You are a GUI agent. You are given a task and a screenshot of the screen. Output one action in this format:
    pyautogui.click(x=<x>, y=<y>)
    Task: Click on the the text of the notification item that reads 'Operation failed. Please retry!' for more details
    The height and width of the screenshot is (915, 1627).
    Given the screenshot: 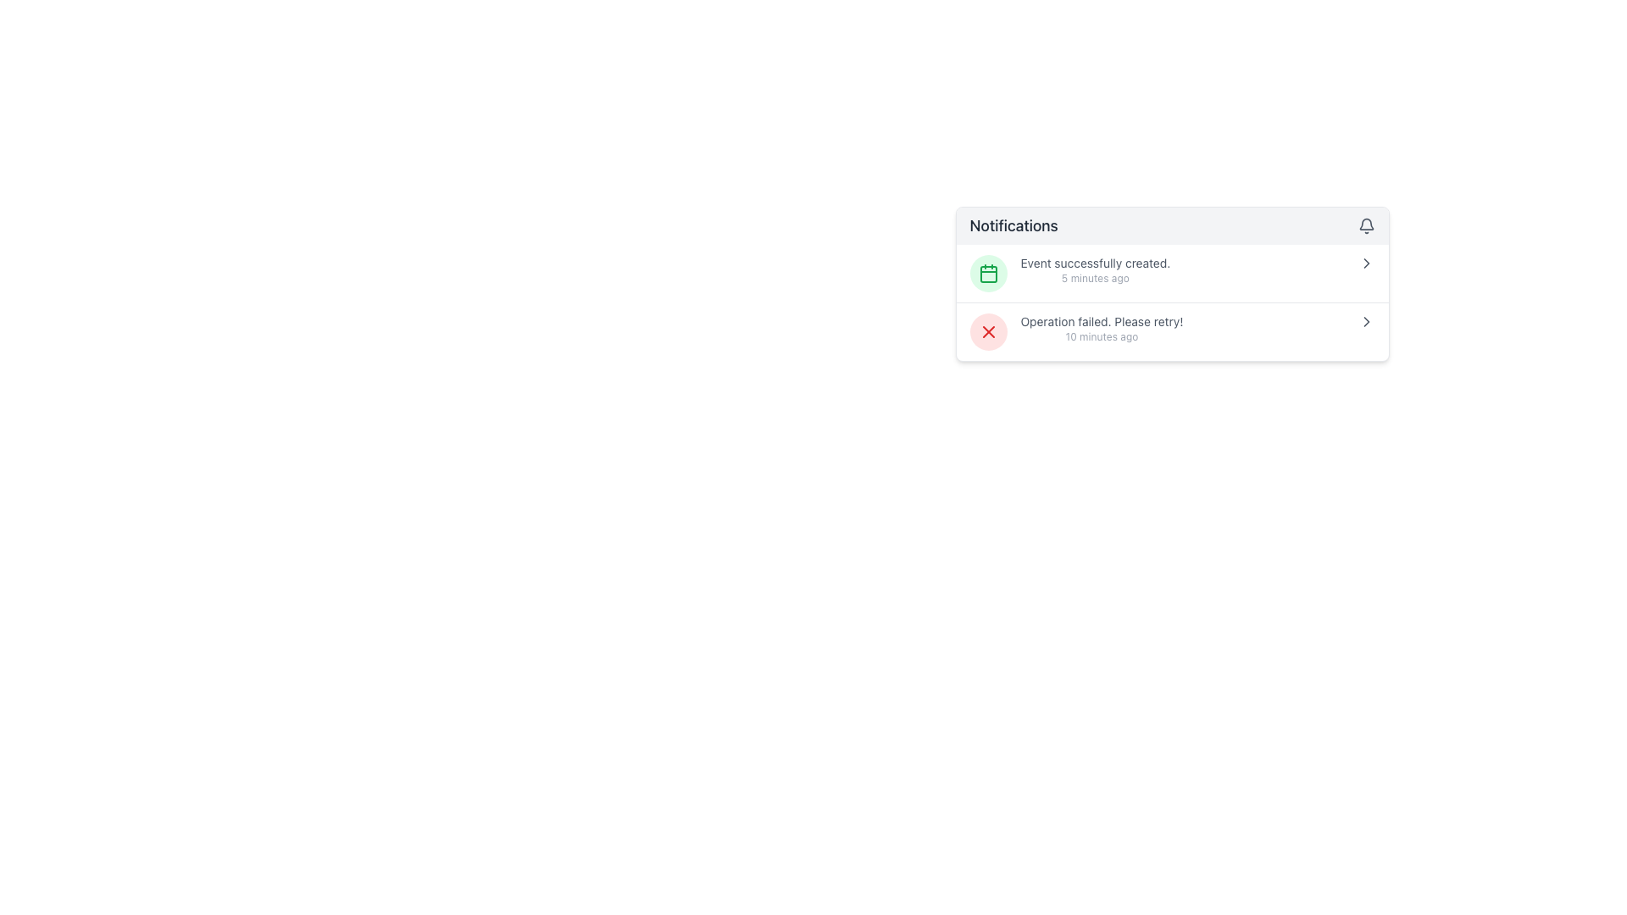 What is the action you would take?
    pyautogui.click(x=1171, y=331)
    